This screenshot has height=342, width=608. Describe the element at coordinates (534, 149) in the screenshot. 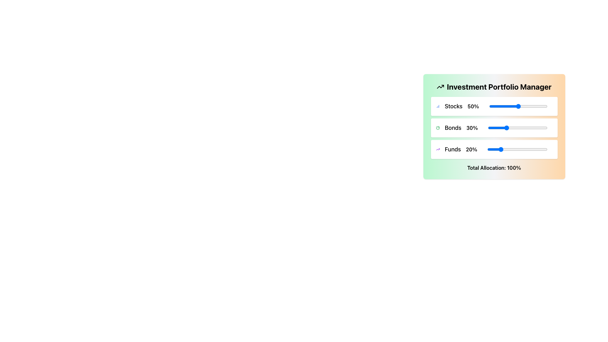

I see `the 'Funds' allocation` at that location.